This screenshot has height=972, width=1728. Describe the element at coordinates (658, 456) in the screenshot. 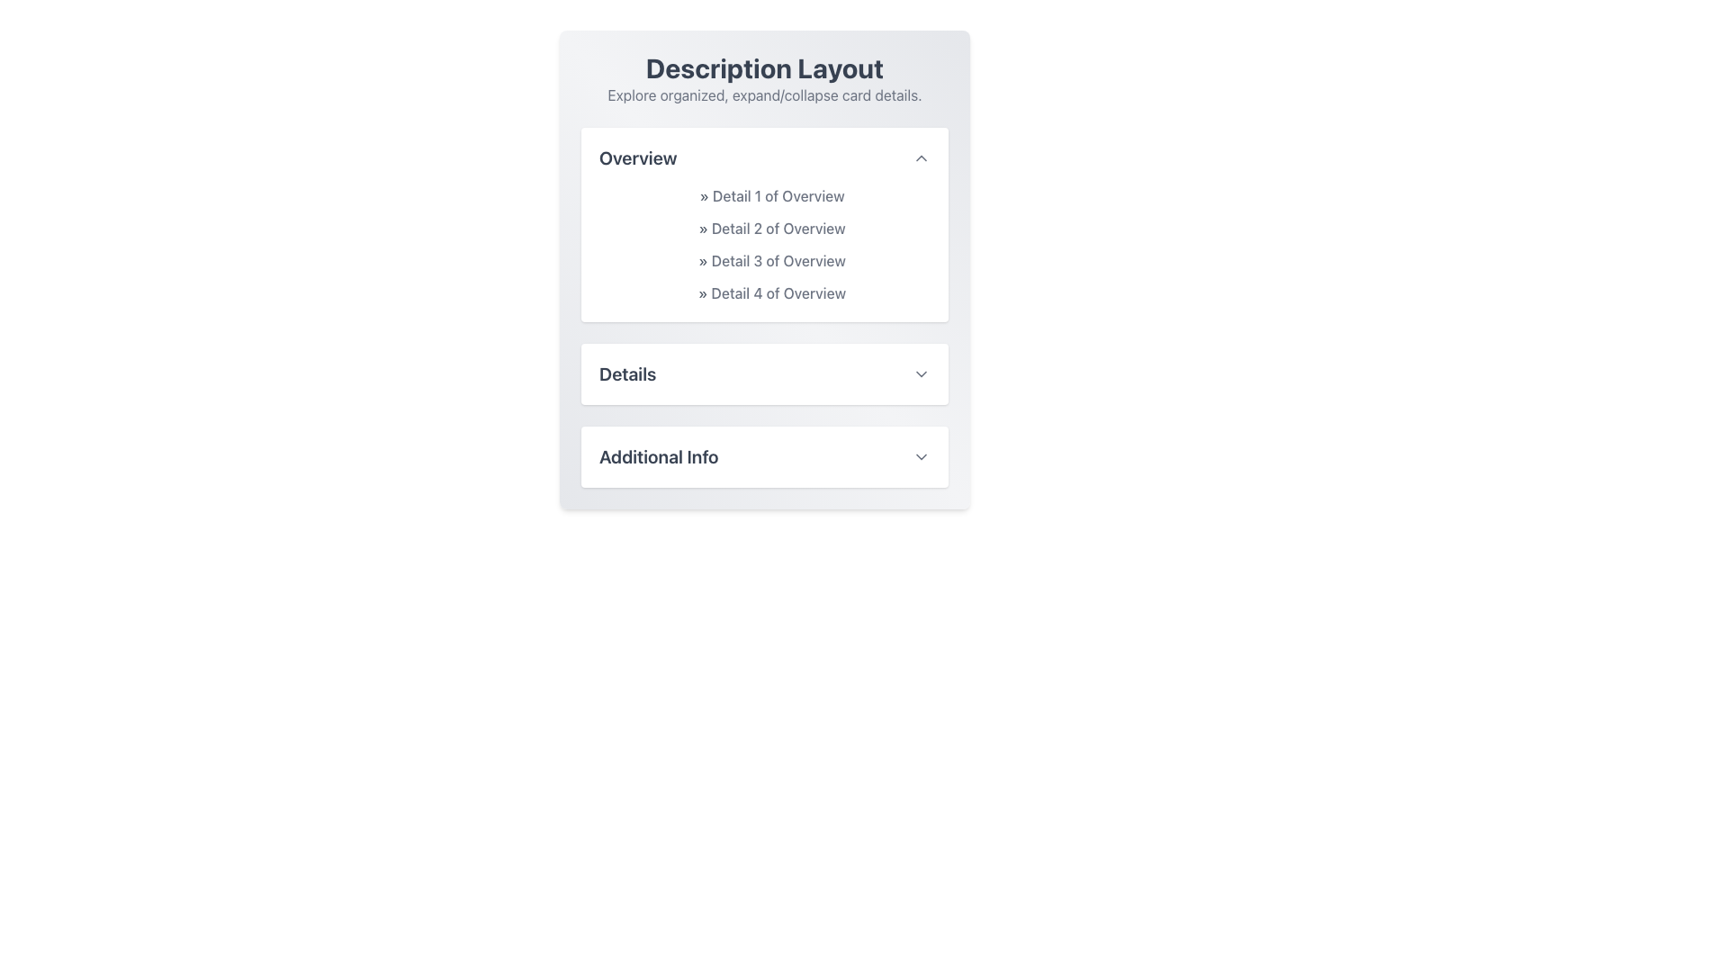

I see `the Text Label that serves as a header or label for a section, located at the bottom of a card-like structure and aligned to the left of an interactive icon` at that location.